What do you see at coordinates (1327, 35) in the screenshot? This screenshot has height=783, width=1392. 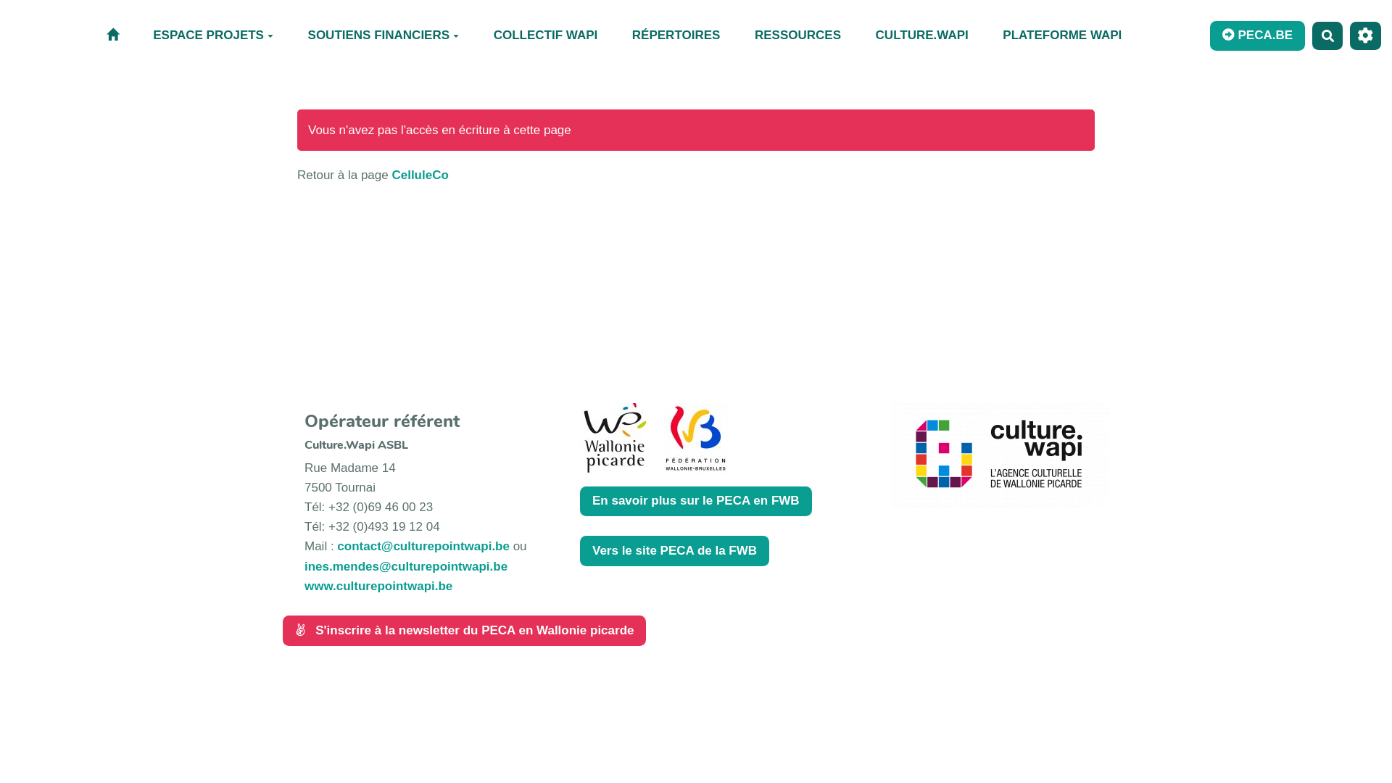 I see `'Rechercher'` at bounding box center [1327, 35].